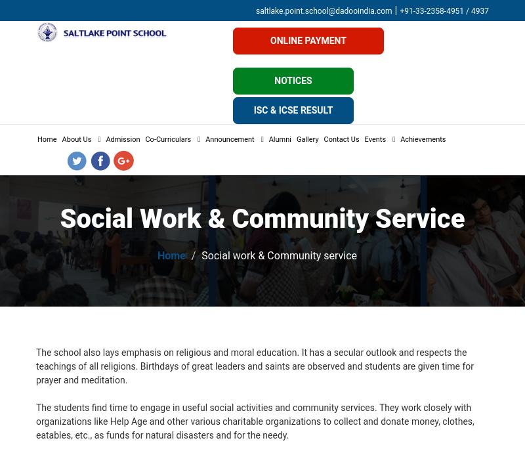 Image resolution: width=525 pixels, height=453 pixels. Describe the element at coordinates (292, 110) in the screenshot. I see `'ISC & ICSE RESULT'` at that location.